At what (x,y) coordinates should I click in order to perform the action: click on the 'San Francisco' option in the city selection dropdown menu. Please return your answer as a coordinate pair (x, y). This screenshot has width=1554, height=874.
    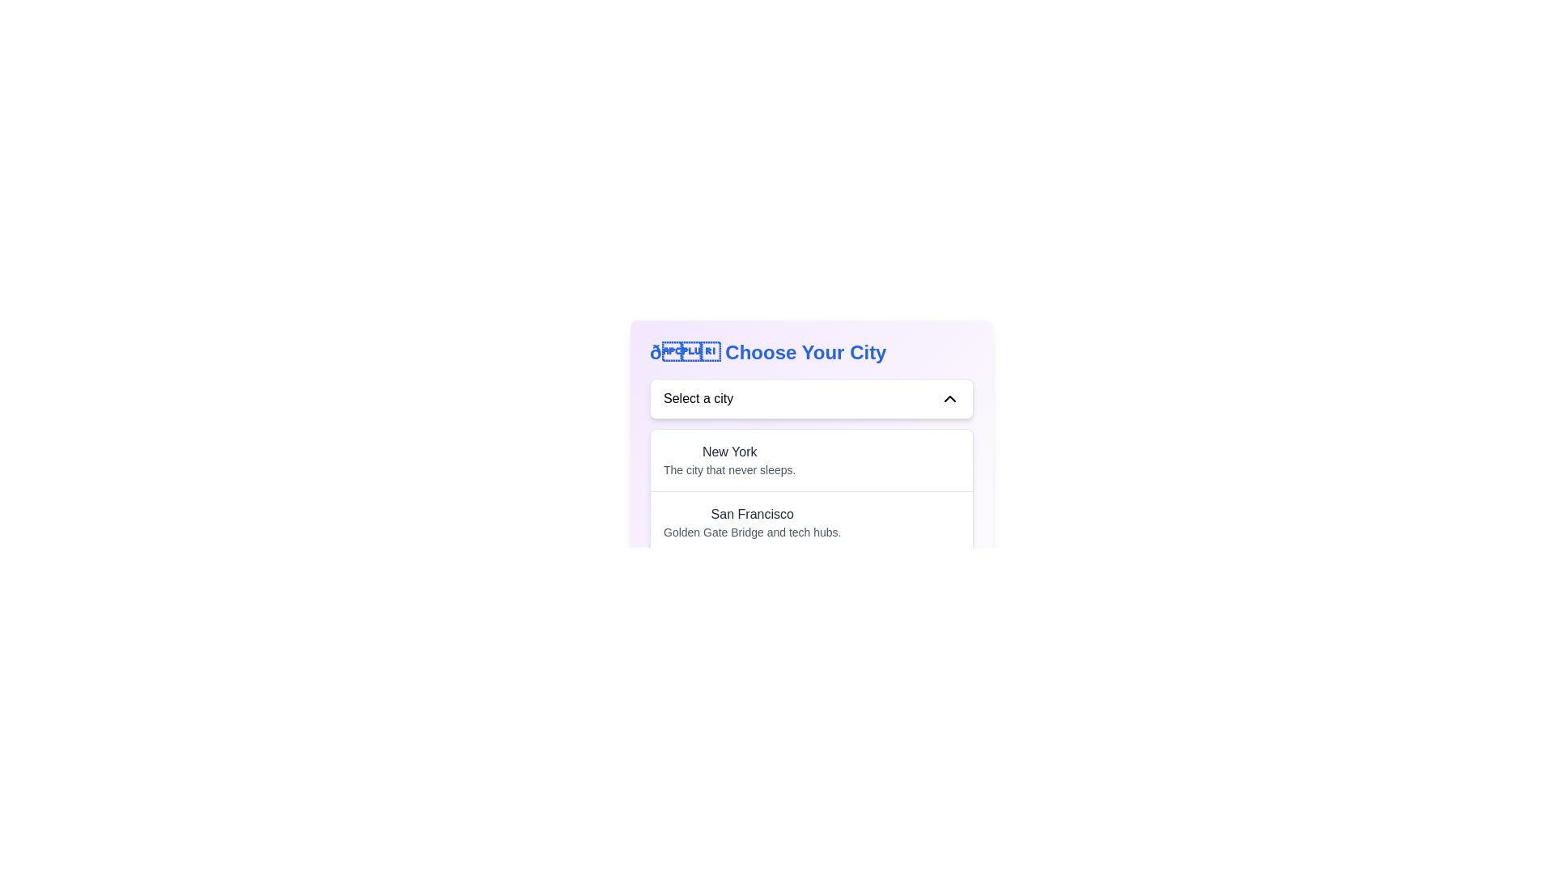
    Looking at the image, I should click on (751, 522).